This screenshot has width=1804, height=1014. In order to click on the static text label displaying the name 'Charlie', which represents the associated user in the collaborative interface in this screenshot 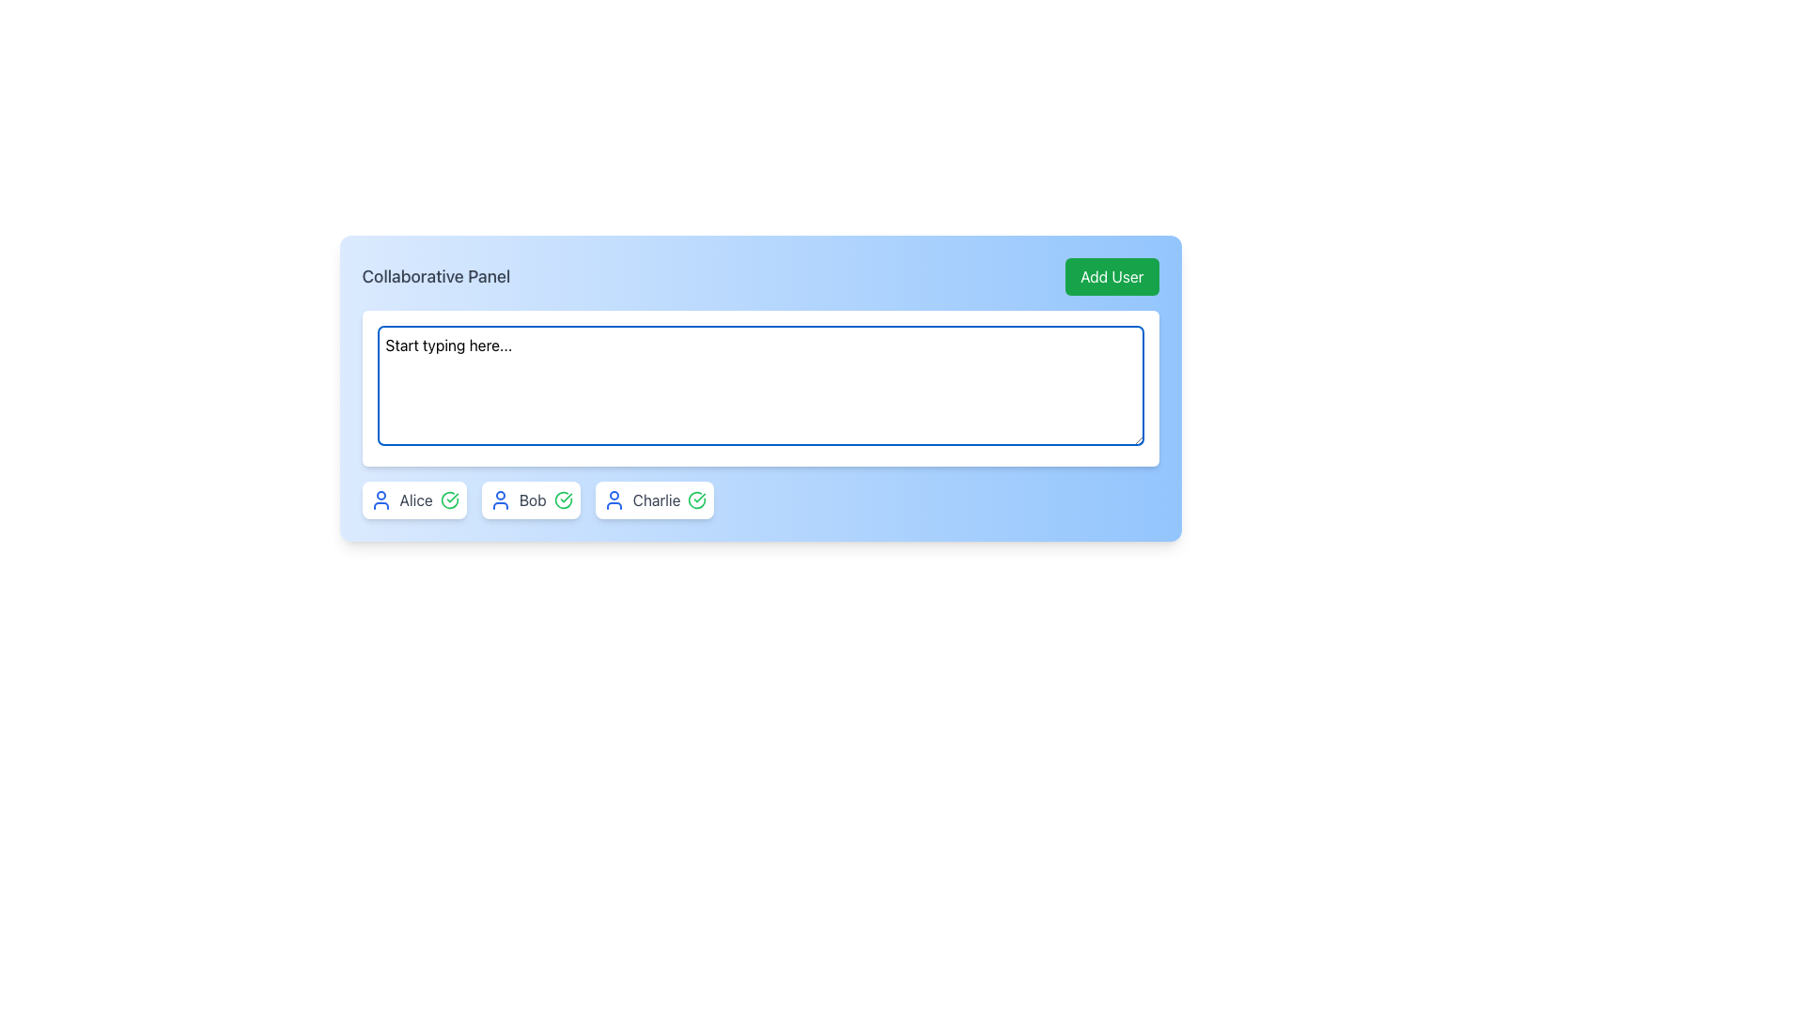, I will do `click(657, 499)`.